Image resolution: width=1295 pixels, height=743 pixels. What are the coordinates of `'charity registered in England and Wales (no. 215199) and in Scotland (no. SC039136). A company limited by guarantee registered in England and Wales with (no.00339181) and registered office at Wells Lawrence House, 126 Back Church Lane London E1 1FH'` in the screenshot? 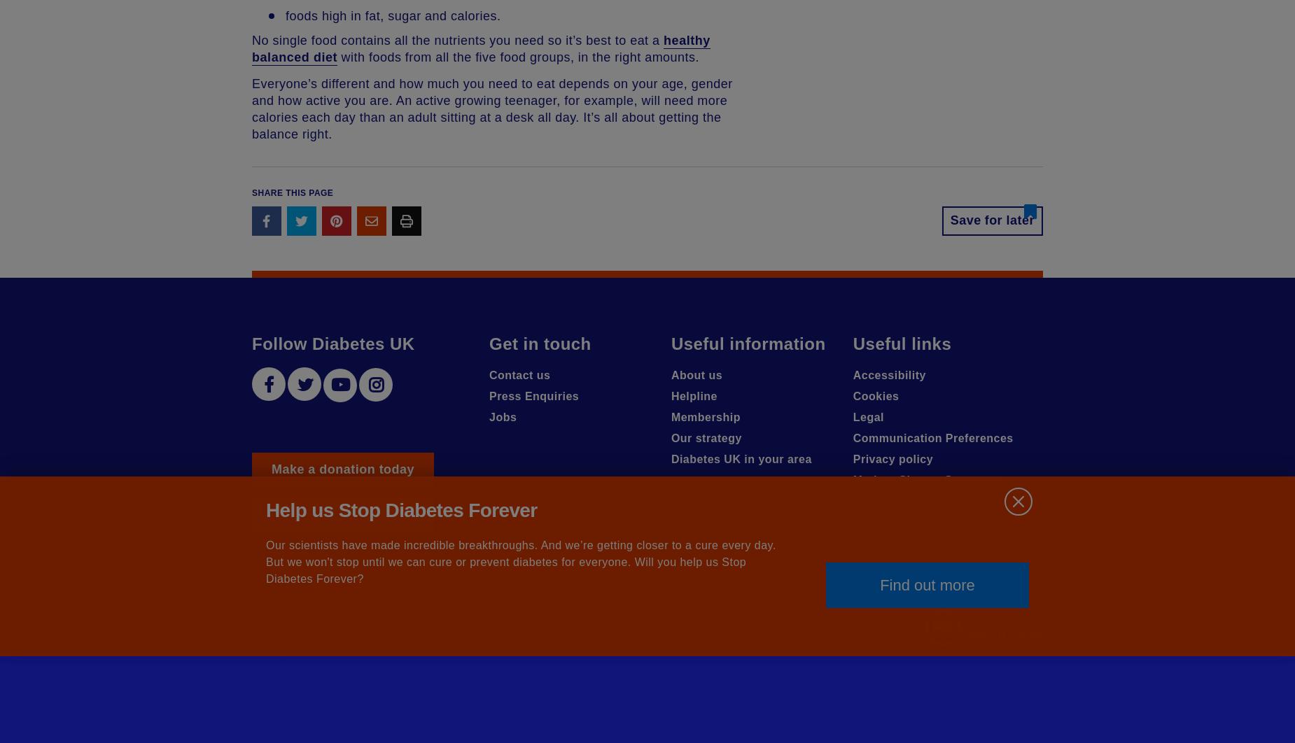 It's located at (251, 632).